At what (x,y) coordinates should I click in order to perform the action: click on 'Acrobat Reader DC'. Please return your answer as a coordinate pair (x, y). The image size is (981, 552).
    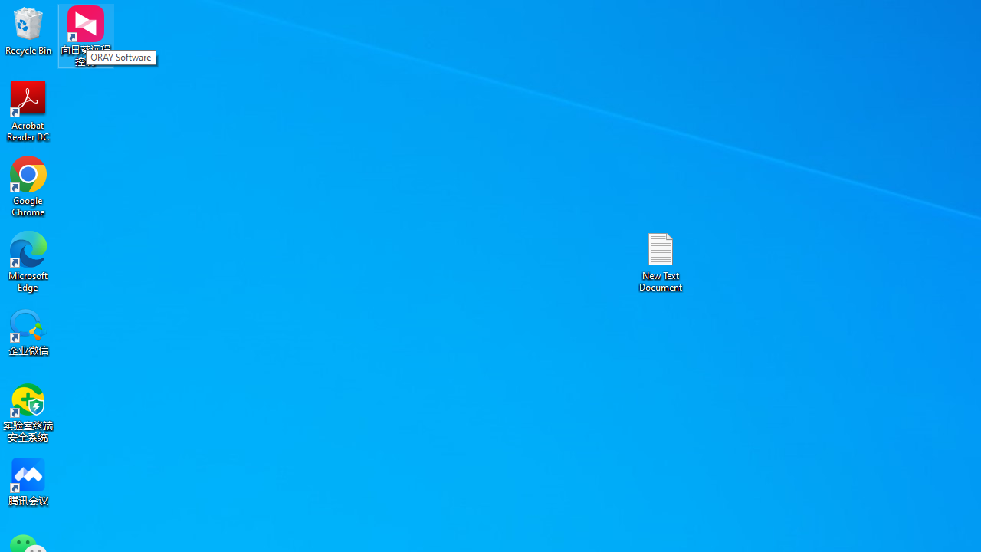
    Looking at the image, I should click on (28, 110).